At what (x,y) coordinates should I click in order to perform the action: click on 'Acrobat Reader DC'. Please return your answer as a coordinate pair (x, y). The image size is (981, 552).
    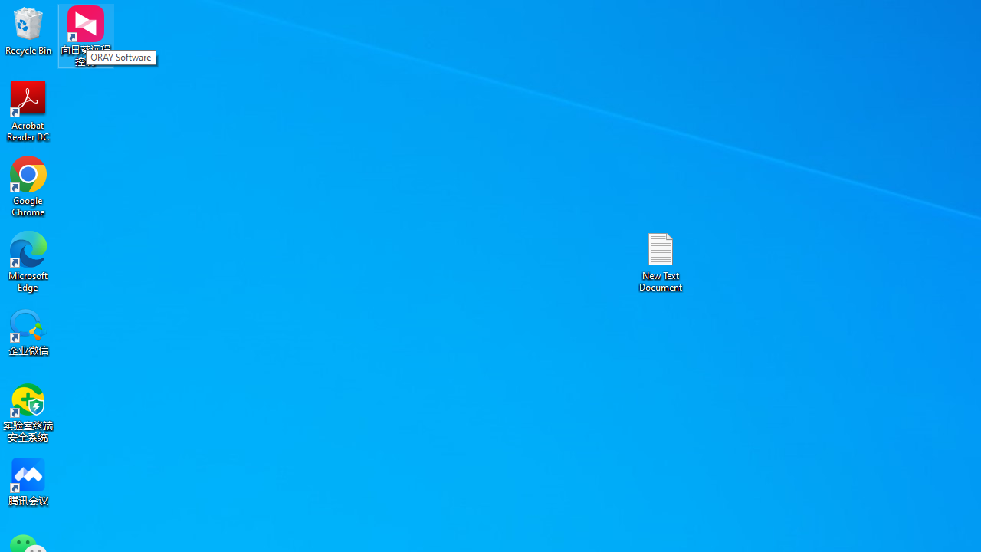
    Looking at the image, I should click on (28, 110).